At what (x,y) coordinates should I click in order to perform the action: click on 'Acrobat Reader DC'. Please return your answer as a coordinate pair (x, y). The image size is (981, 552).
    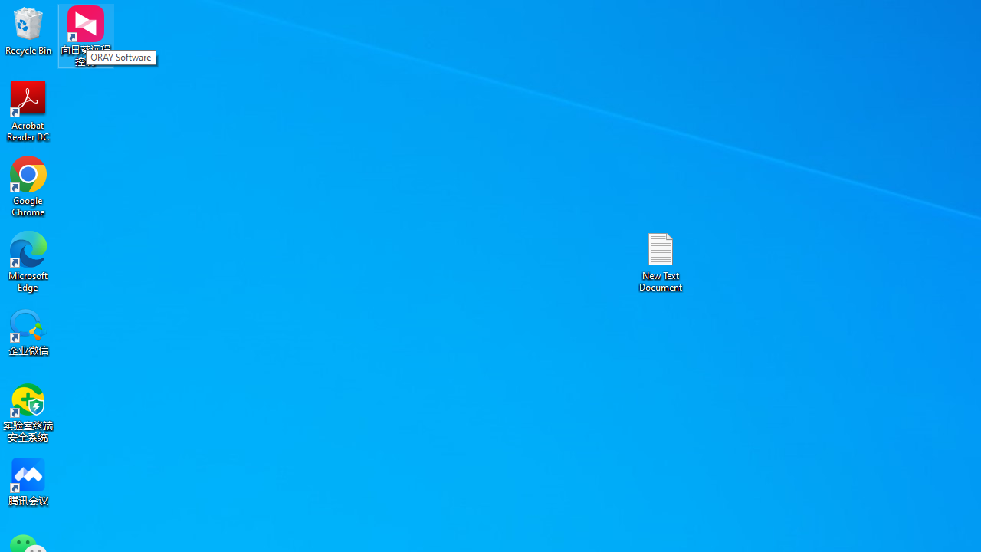
    Looking at the image, I should click on (28, 110).